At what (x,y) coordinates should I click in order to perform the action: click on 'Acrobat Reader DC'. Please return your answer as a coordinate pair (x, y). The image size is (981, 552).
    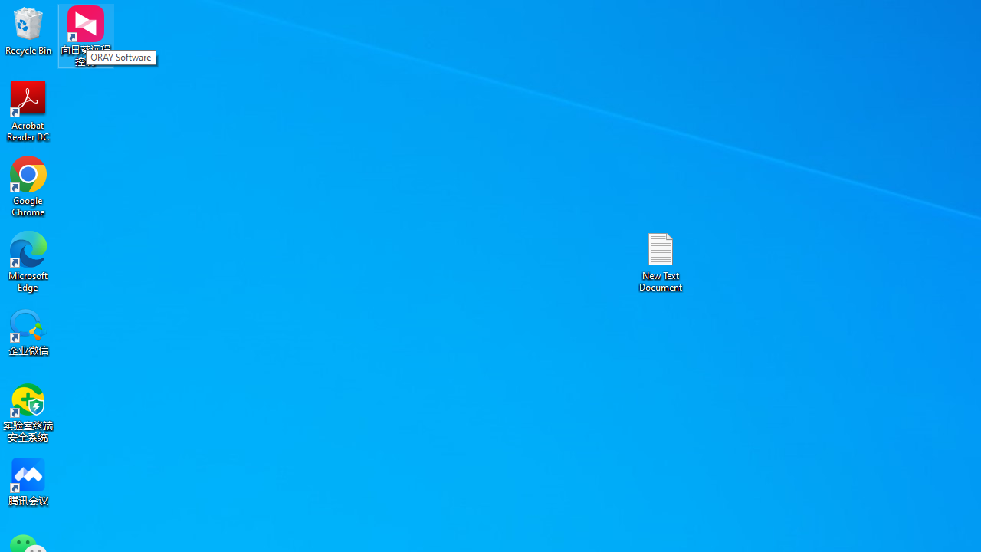
    Looking at the image, I should click on (28, 110).